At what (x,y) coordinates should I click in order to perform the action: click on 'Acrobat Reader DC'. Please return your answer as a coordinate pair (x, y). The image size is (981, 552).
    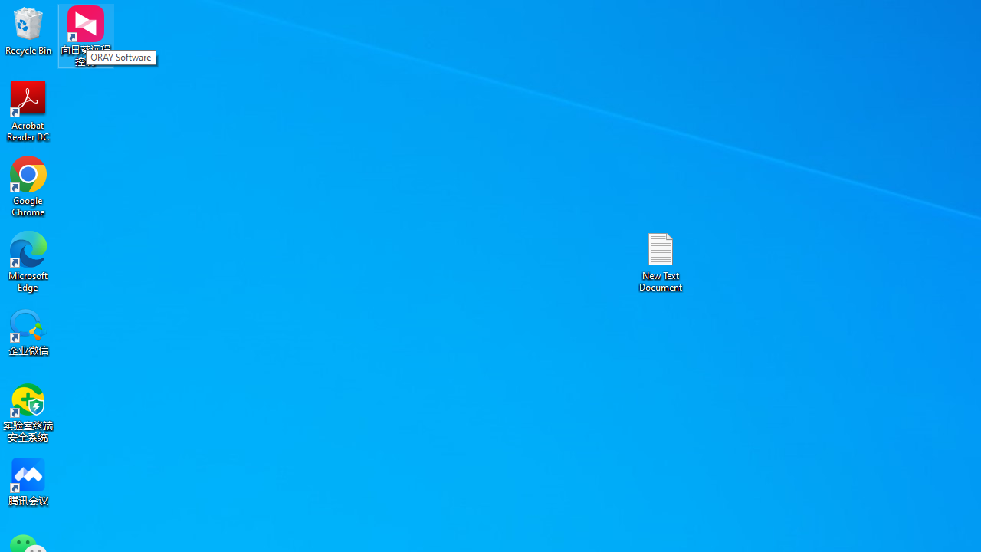
    Looking at the image, I should click on (28, 110).